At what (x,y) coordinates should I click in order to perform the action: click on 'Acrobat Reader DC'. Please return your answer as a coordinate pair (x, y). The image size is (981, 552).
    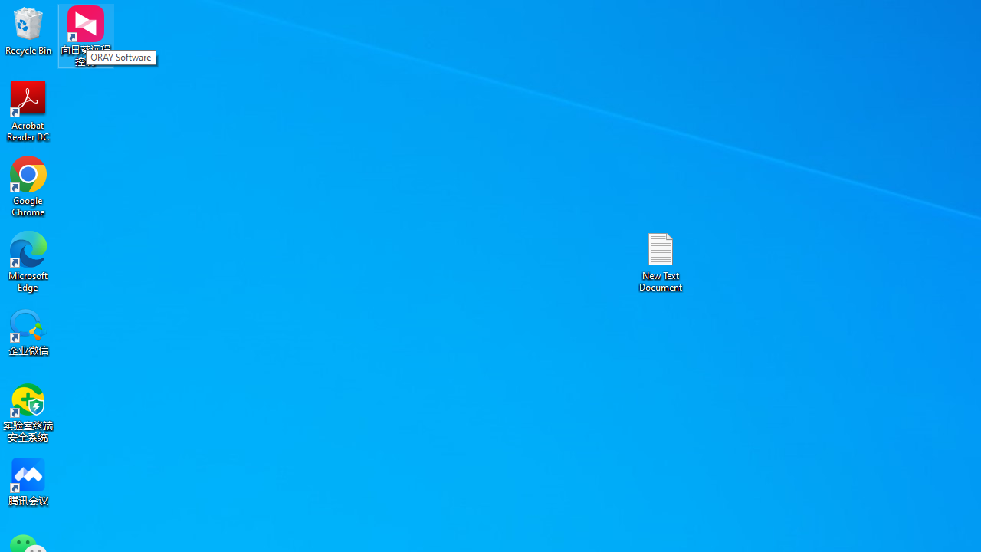
    Looking at the image, I should click on (28, 110).